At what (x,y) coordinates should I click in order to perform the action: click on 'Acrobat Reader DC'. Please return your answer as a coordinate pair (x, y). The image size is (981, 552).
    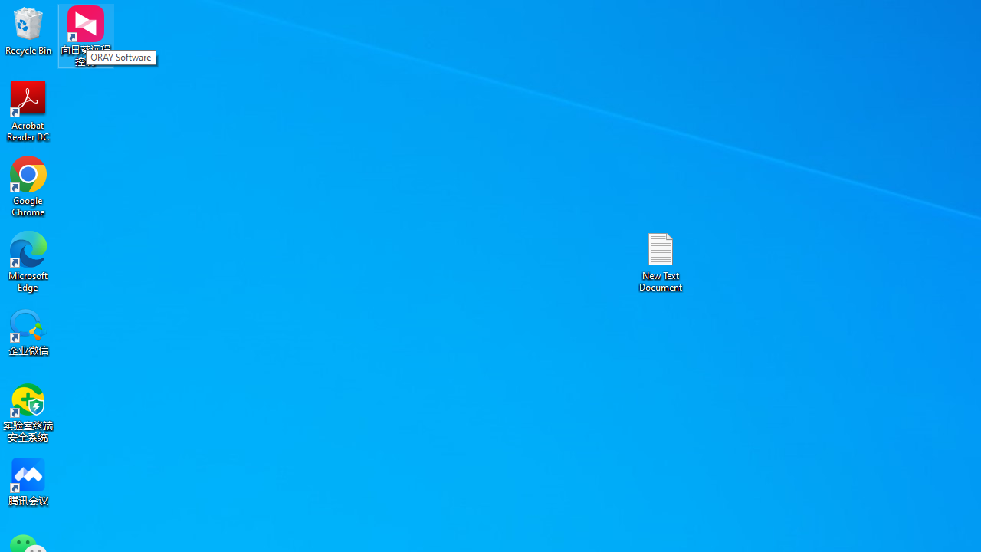
    Looking at the image, I should click on (28, 110).